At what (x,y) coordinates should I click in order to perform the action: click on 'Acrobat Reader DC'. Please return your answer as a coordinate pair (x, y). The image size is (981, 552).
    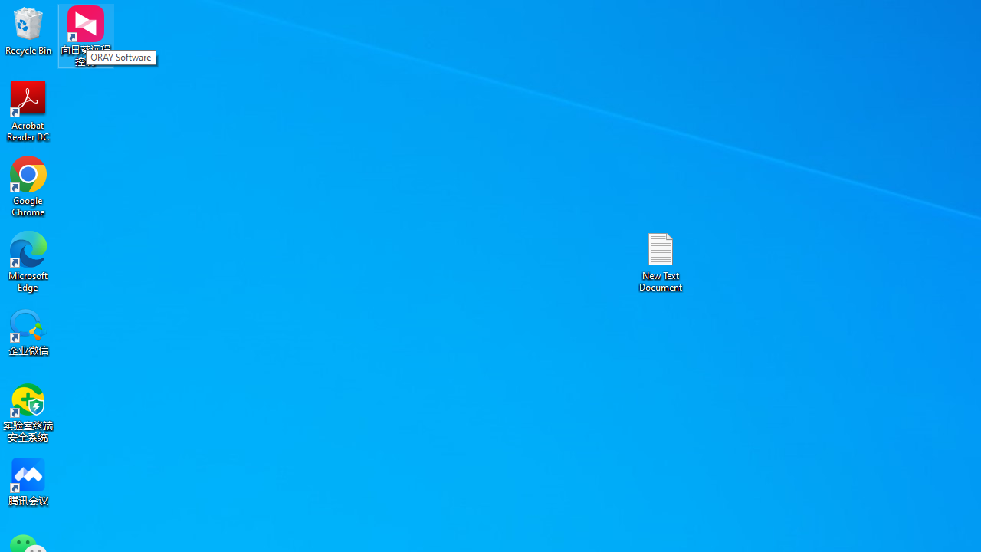
    Looking at the image, I should click on (28, 110).